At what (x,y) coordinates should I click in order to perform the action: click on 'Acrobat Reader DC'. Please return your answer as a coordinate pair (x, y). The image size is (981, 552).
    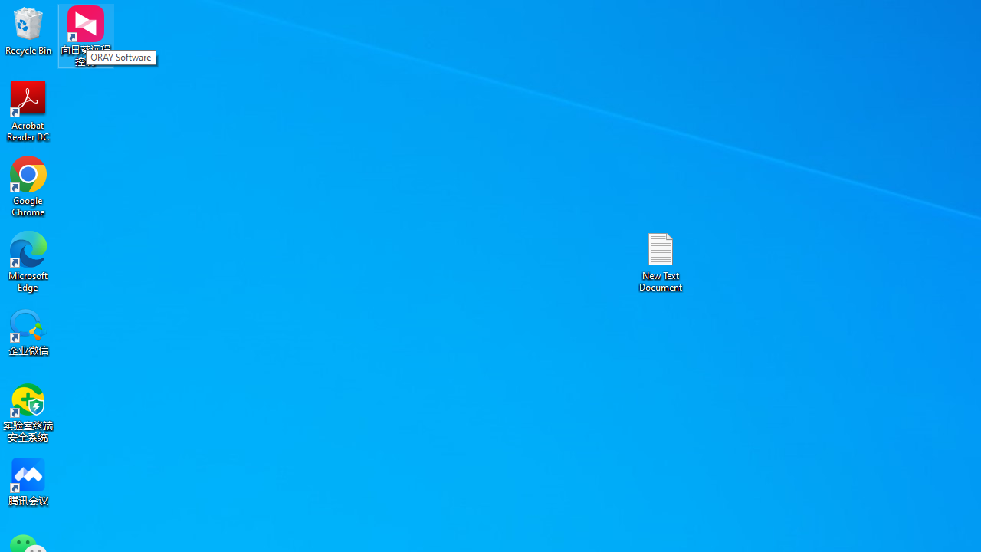
    Looking at the image, I should click on (28, 110).